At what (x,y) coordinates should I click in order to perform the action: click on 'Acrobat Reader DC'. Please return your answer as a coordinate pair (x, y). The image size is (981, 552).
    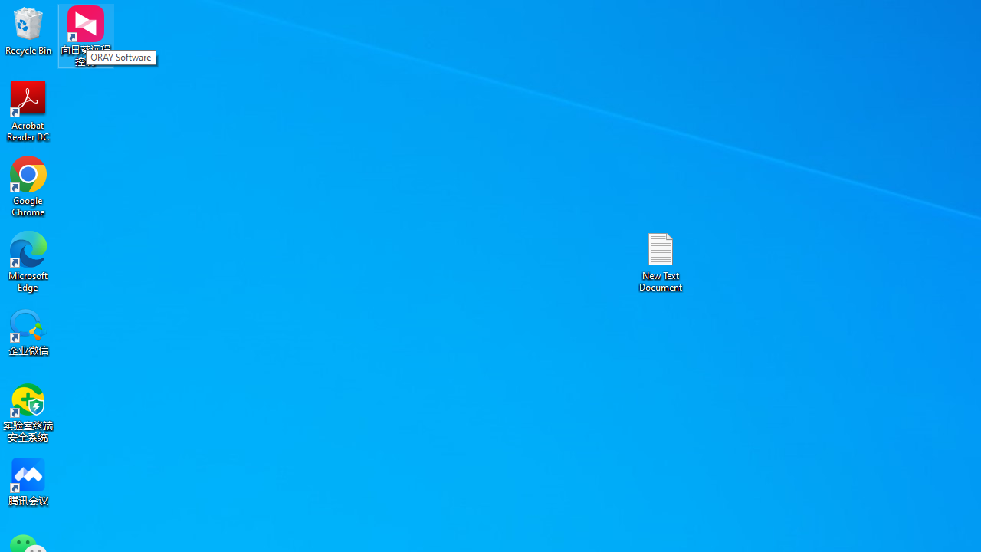
    Looking at the image, I should click on (28, 110).